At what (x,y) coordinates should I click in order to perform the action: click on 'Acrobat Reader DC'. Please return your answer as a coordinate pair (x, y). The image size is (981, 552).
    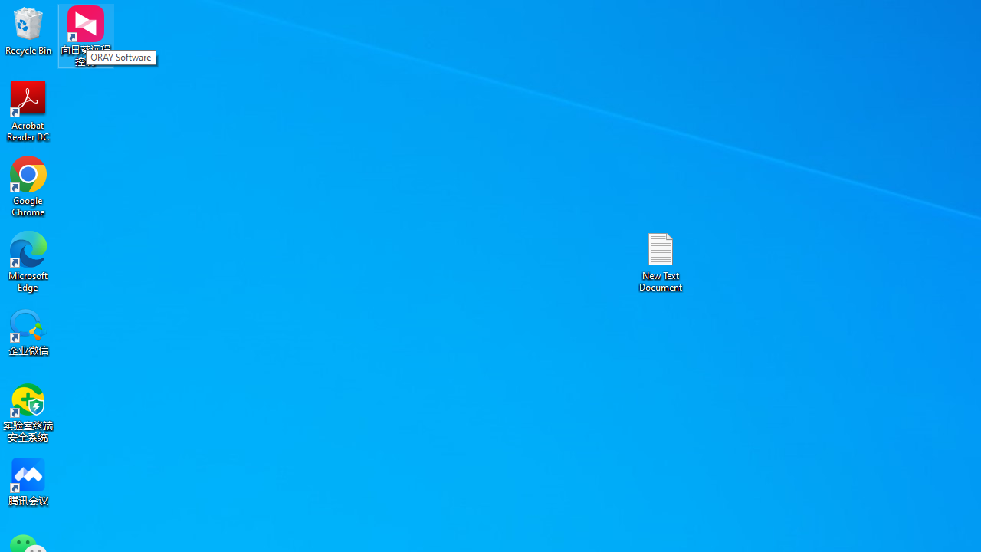
    Looking at the image, I should click on (28, 110).